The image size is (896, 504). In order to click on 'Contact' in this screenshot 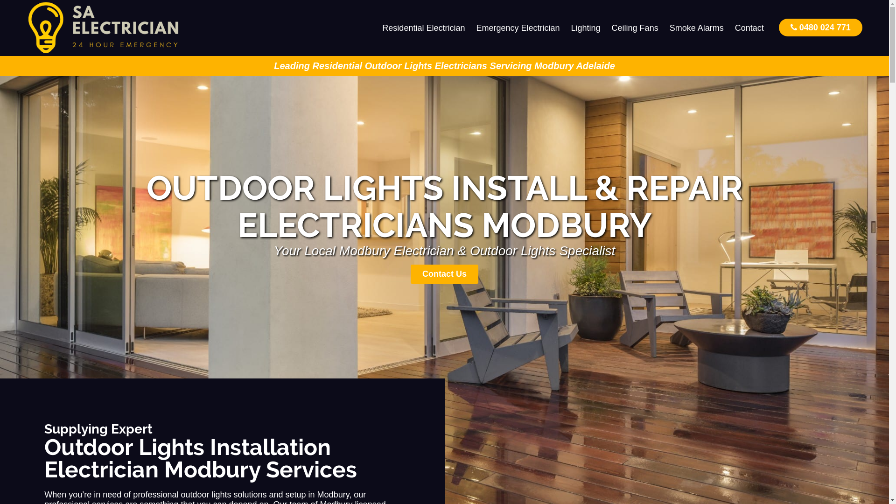, I will do `click(749, 28)`.